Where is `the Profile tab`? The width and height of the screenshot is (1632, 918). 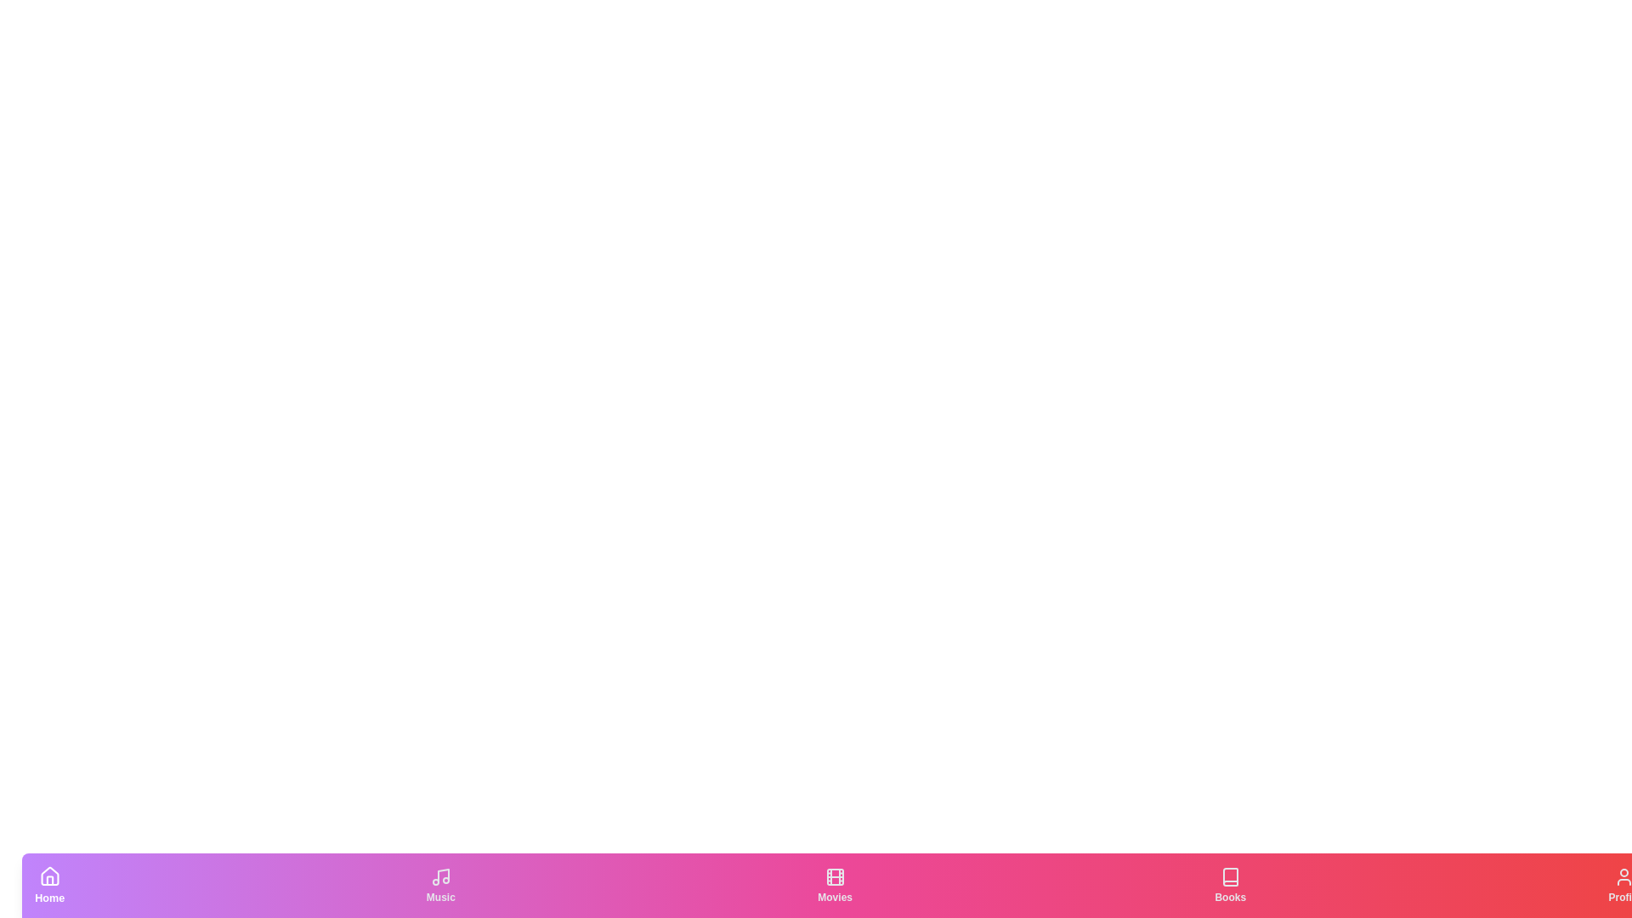 the Profile tab is located at coordinates (1623, 884).